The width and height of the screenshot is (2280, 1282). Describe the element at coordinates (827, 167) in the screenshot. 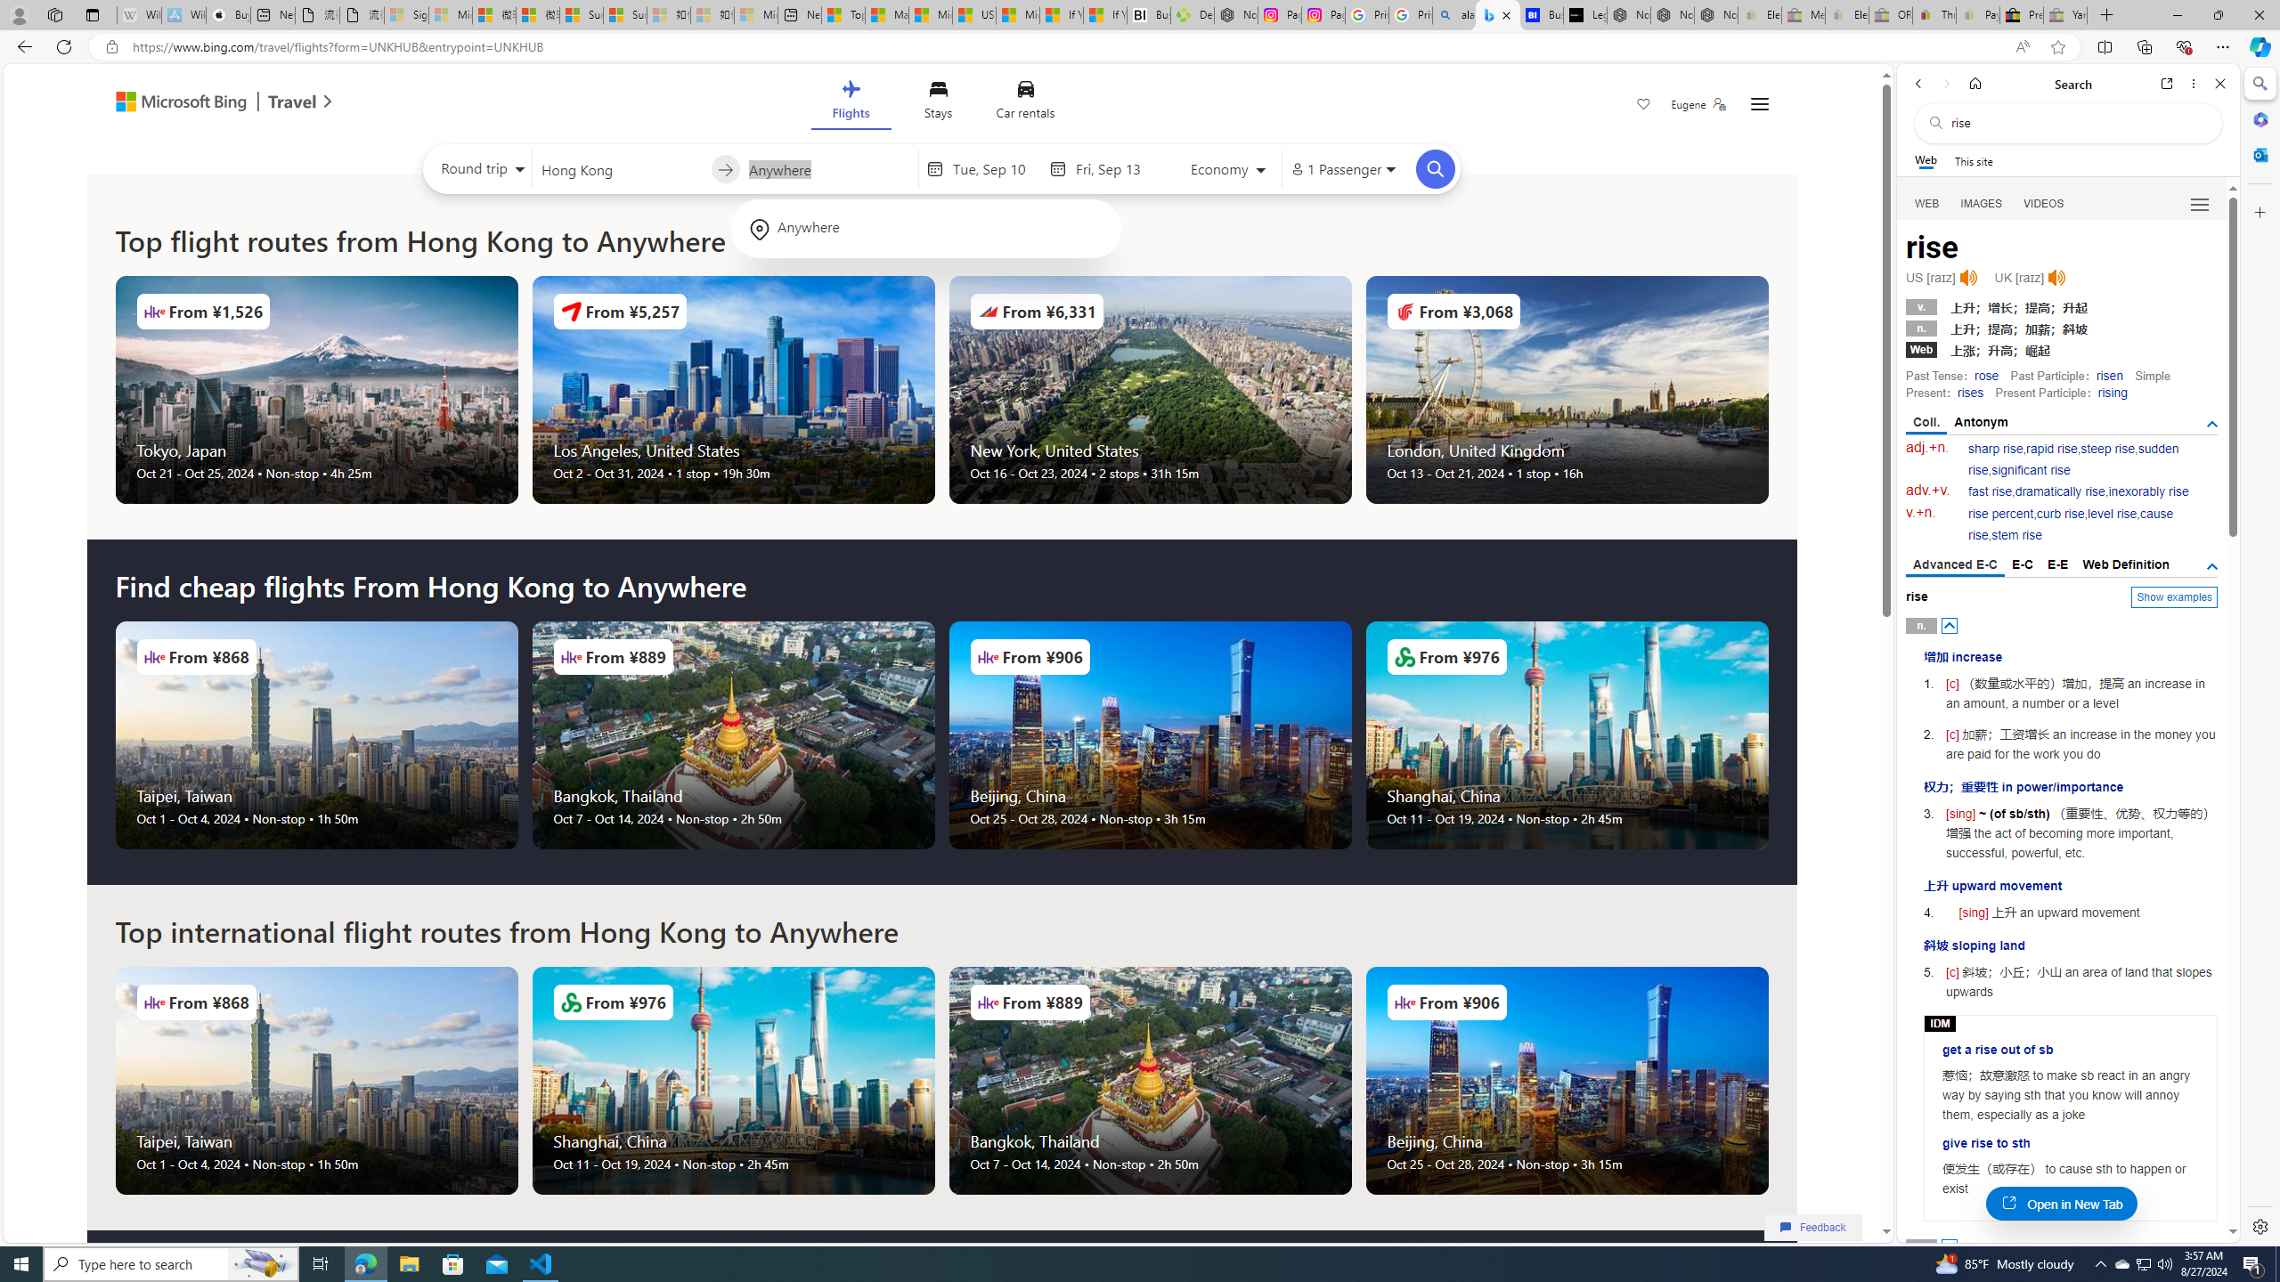

I see `'Class: autosuggest-container full-height no-y-padding'` at that location.